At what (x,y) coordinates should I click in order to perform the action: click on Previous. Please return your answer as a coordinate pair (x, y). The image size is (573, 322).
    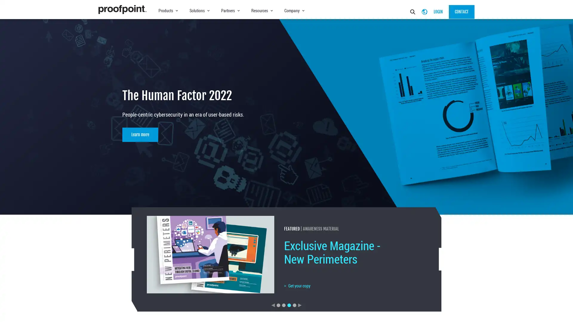
    Looking at the image, I should click on (273, 305).